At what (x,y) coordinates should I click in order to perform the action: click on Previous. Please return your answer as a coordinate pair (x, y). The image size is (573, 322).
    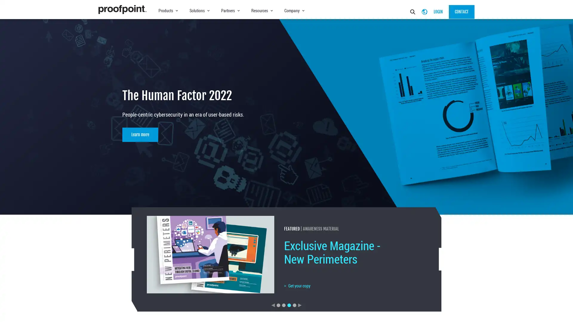
    Looking at the image, I should click on (273, 305).